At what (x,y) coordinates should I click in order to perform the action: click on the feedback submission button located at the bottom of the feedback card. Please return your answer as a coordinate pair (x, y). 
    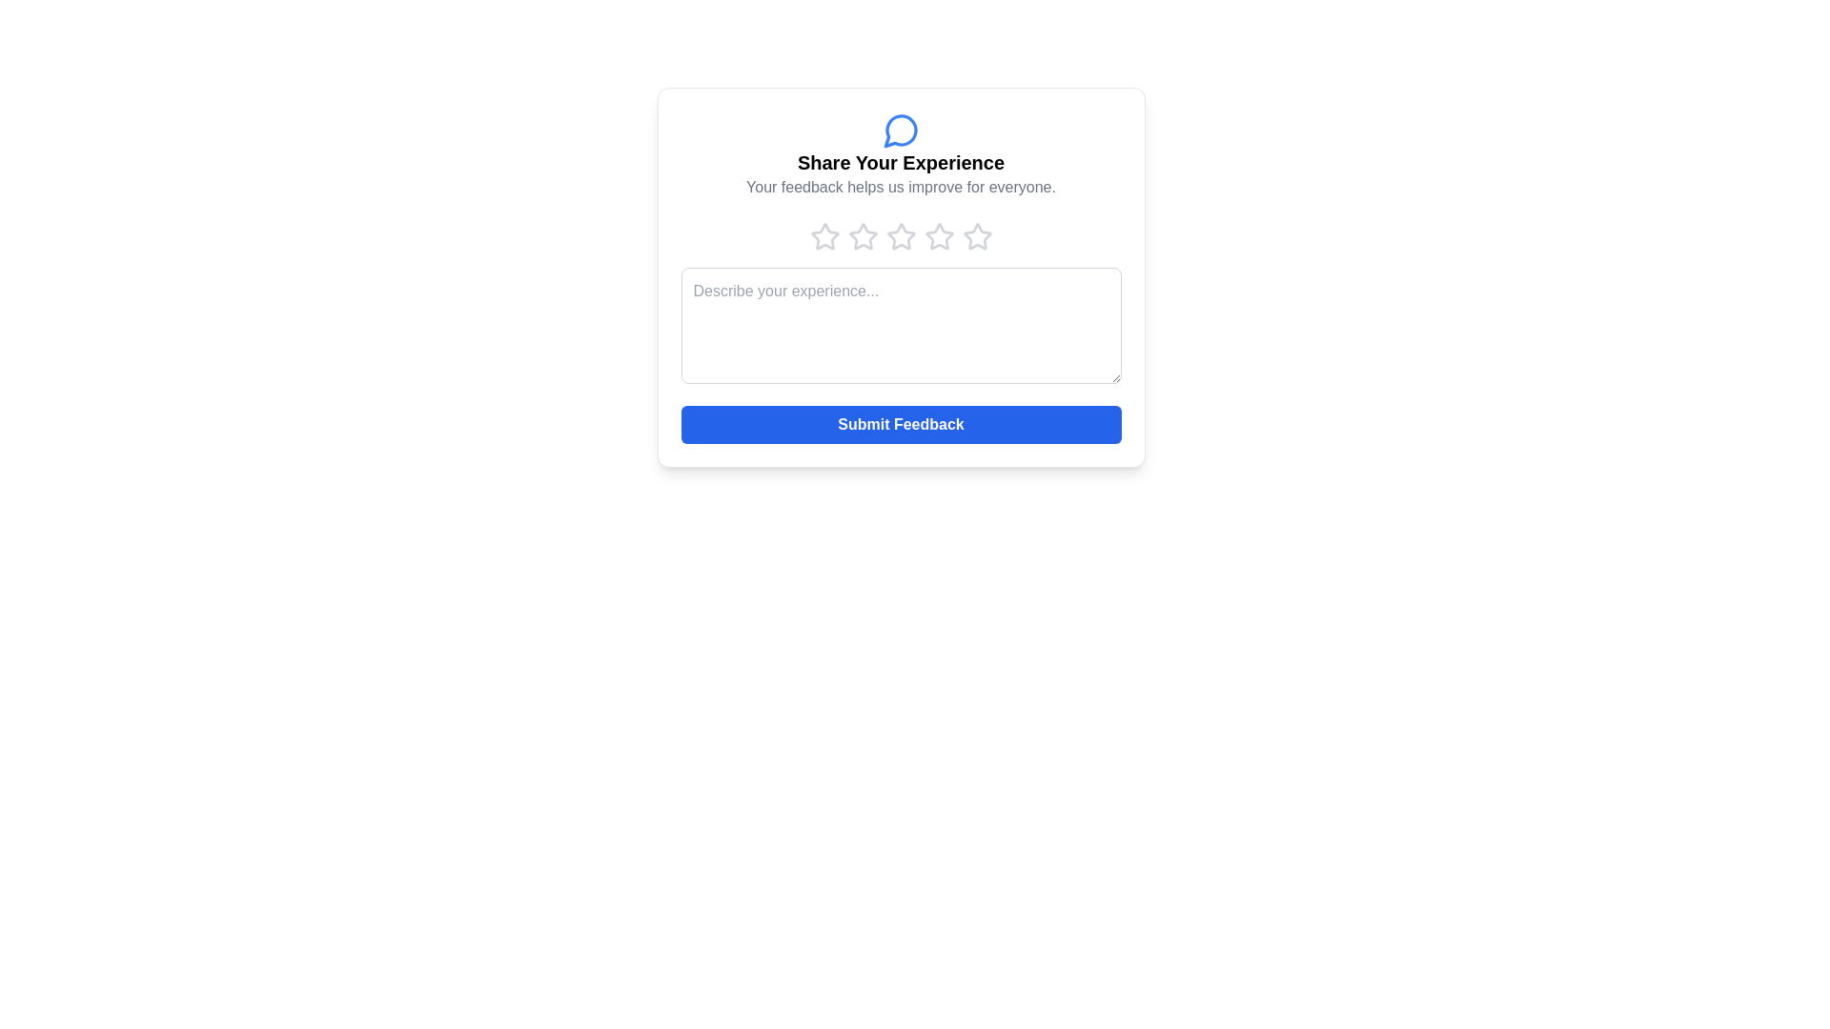
    Looking at the image, I should click on (900, 424).